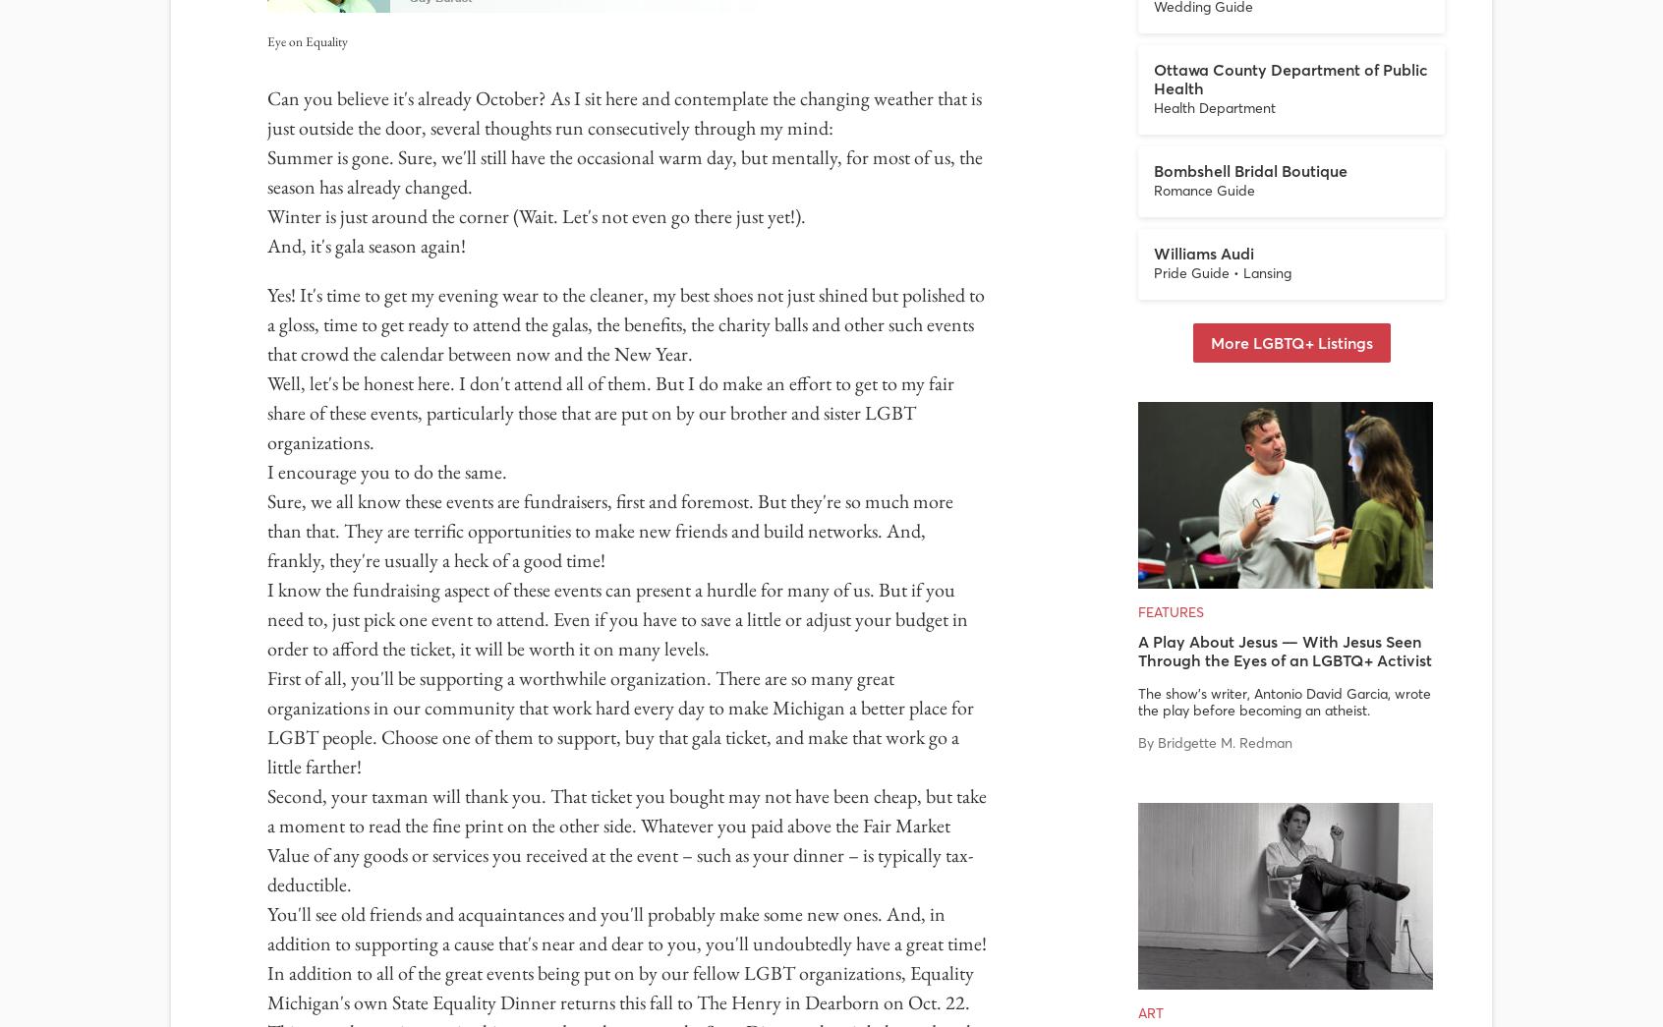  Describe the element at coordinates (831, 456) in the screenshot. I see `'Advertisement'` at that location.